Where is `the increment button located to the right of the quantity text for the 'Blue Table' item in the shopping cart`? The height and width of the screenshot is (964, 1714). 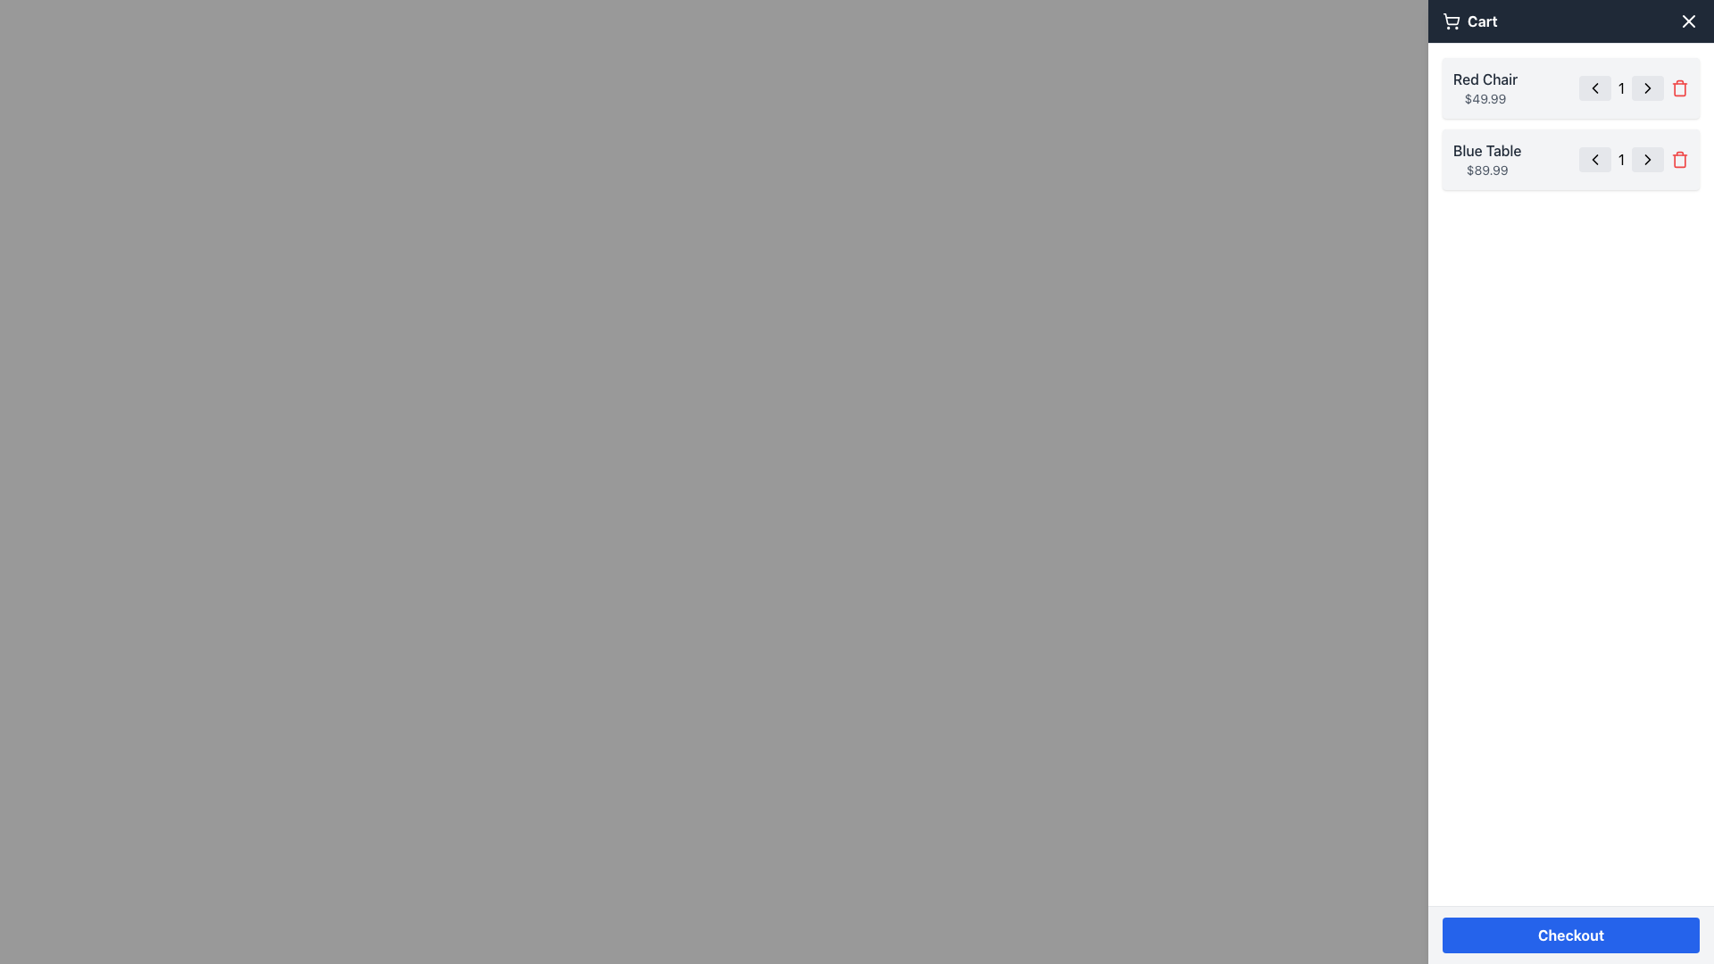
the increment button located to the right of the quantity text for the 'Blue Table' item in the shopping cart is located at coordinates (1647, 158).